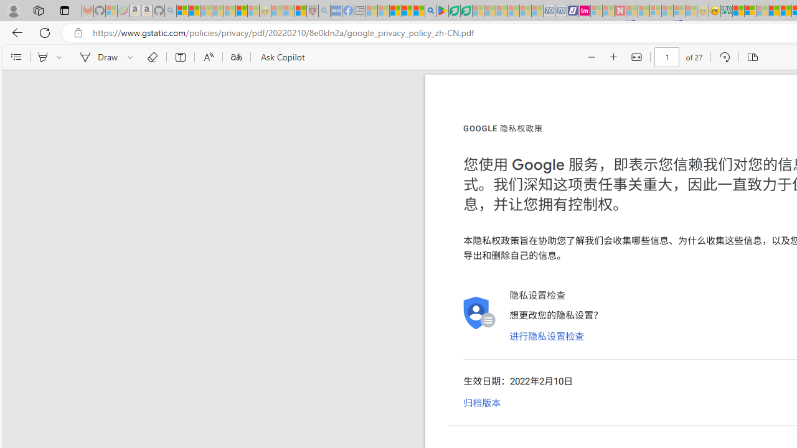 This screenshot has width=797, height=448. Describe the element at coordinates (236, 57) in the screenshot. I see `'Translate'` at that location.